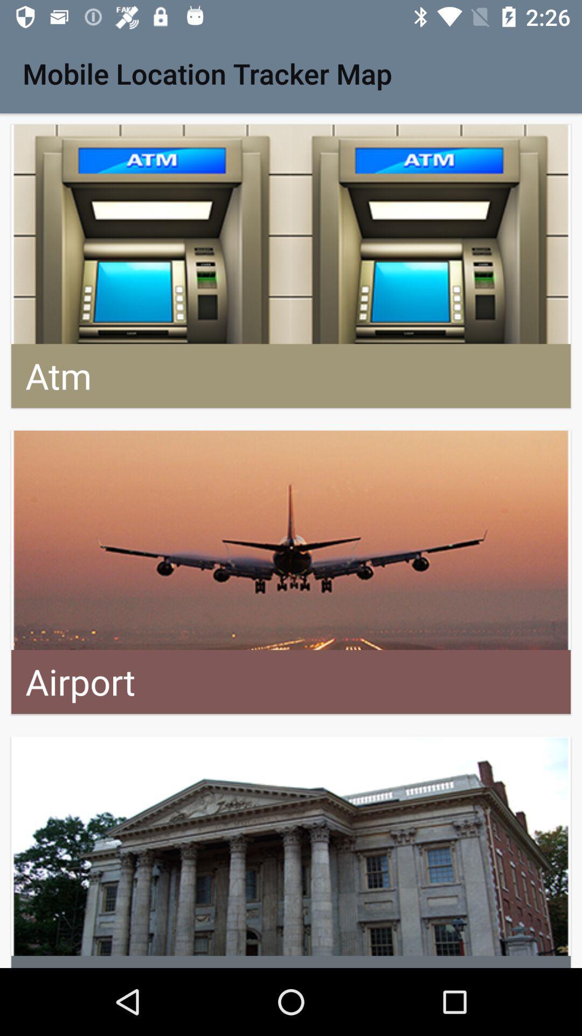 This screenshot has height=1036, width=582. What do you see at coordinates (291, 571) in the screenshot?
I see `advertisement` at bounding box center [291, 571].